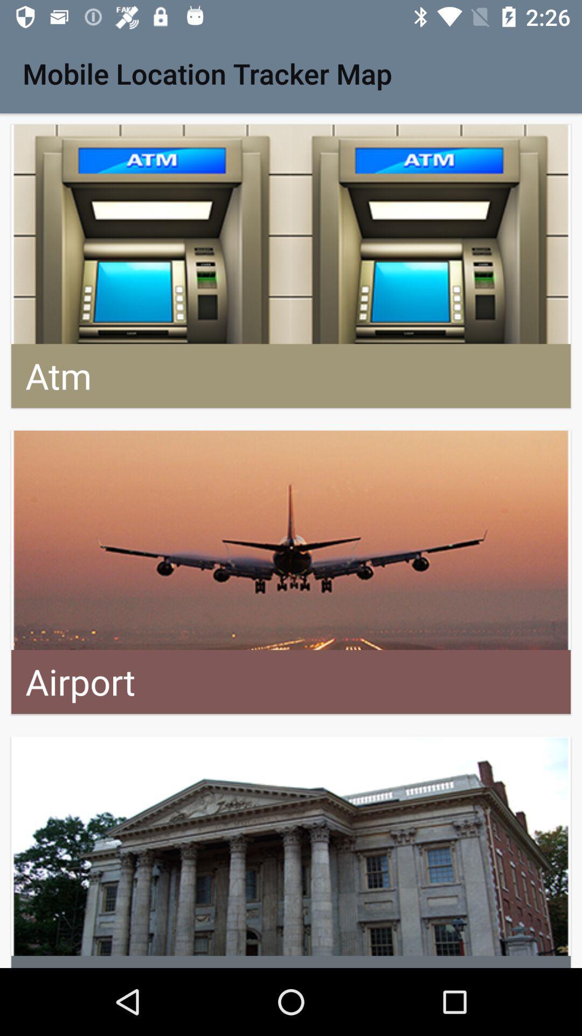 This screenshot has height=1036, width=582. What do you see at coordinates (291, 571) in the screenshot?
I see `advertisement` at bounding box center [291, 571].